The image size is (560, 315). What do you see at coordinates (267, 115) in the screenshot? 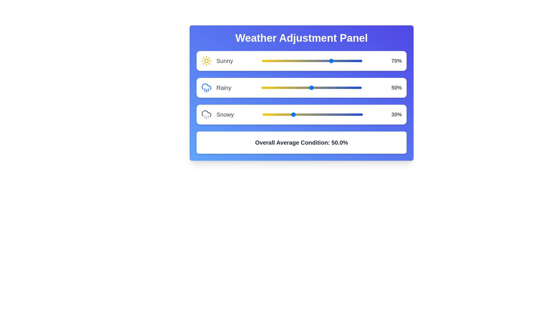
I see `the snowy condition percentage` at bounding box center [267, 115].